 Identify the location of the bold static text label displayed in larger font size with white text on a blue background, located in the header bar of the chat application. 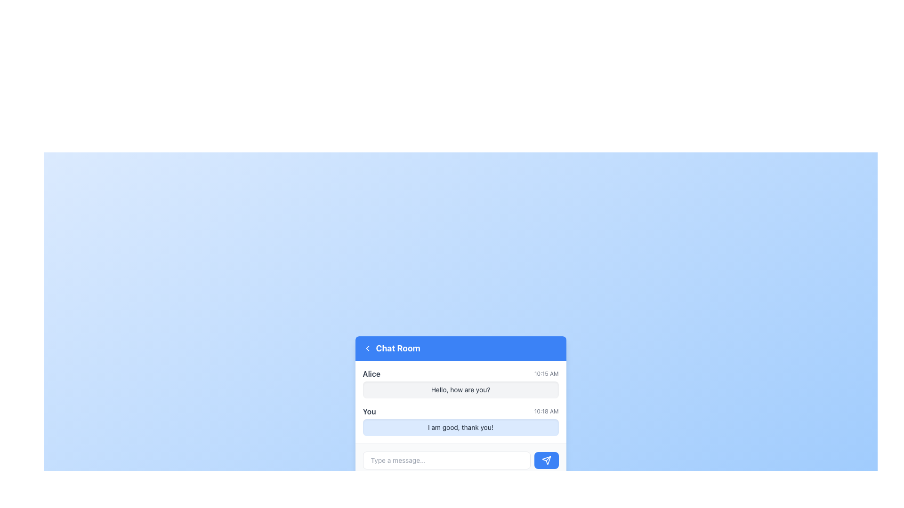
(398, 348).